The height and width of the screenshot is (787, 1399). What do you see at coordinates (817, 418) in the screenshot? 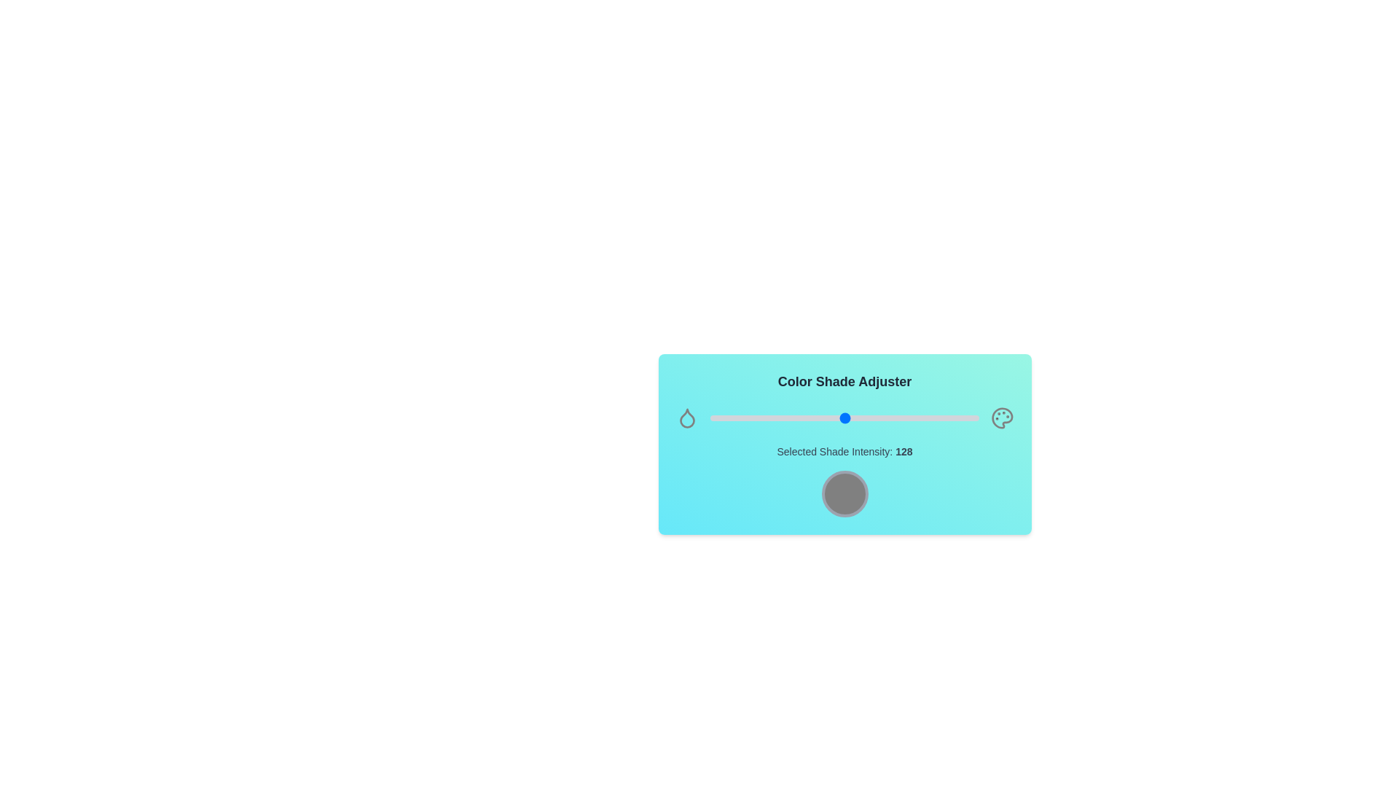
I see `the shade intensity slider to 101 value` at bounding box center [817, 418].